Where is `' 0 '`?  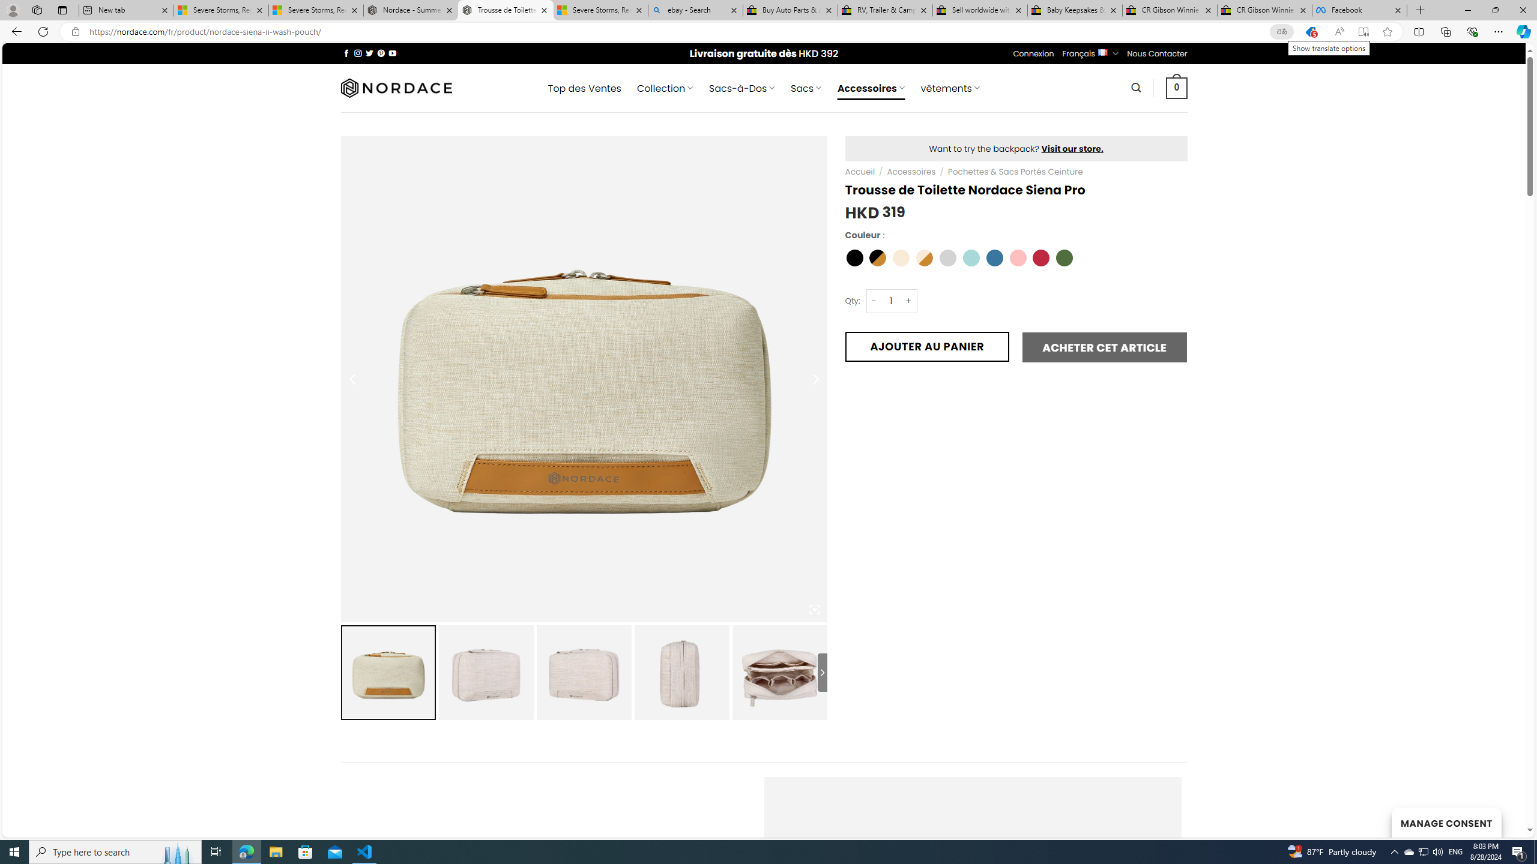 ' 0 ' is located at coordinates (1177, 87).